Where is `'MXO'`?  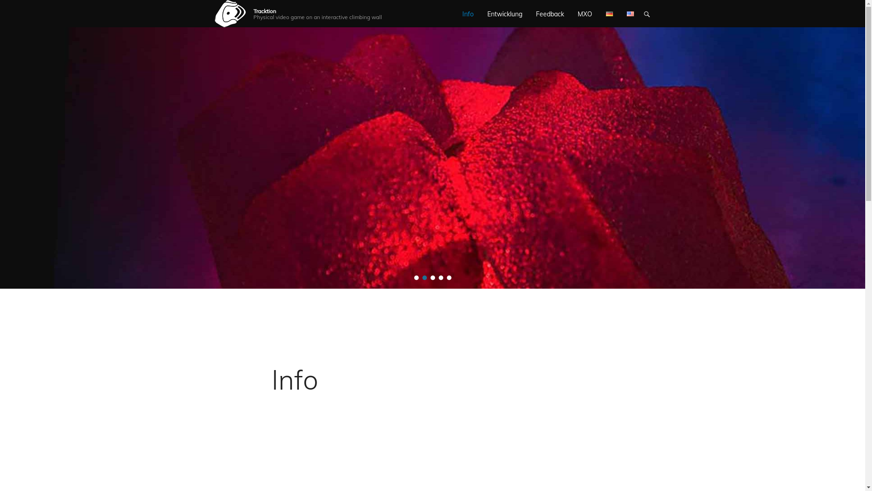 'MXO' is located at coordinates (585, 13).